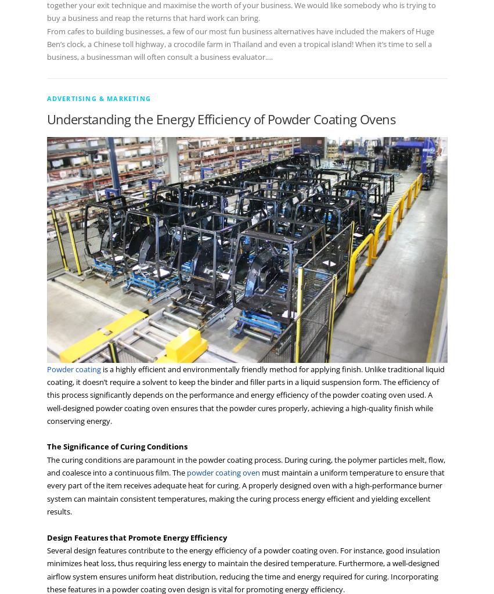  I want to click on 'Powder coating', so click(73, 368).